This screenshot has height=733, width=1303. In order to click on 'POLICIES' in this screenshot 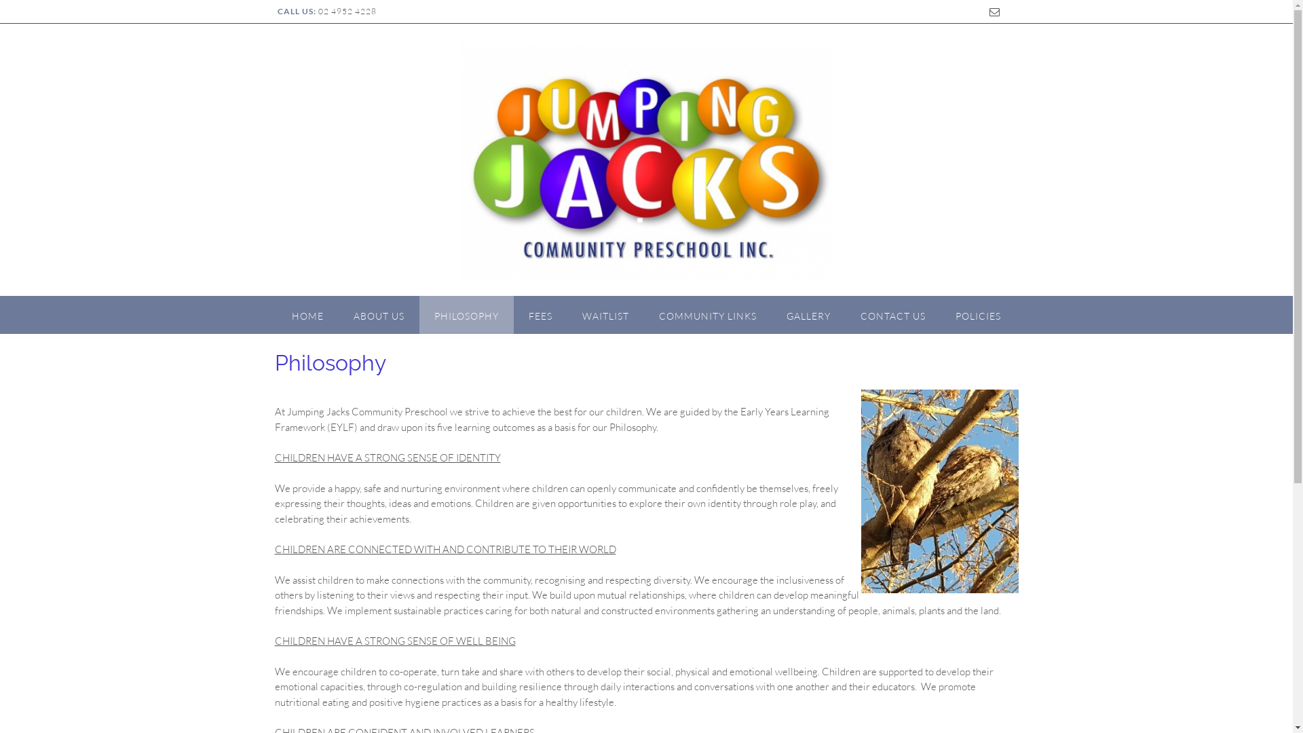, I will do `click(978, 314)`.